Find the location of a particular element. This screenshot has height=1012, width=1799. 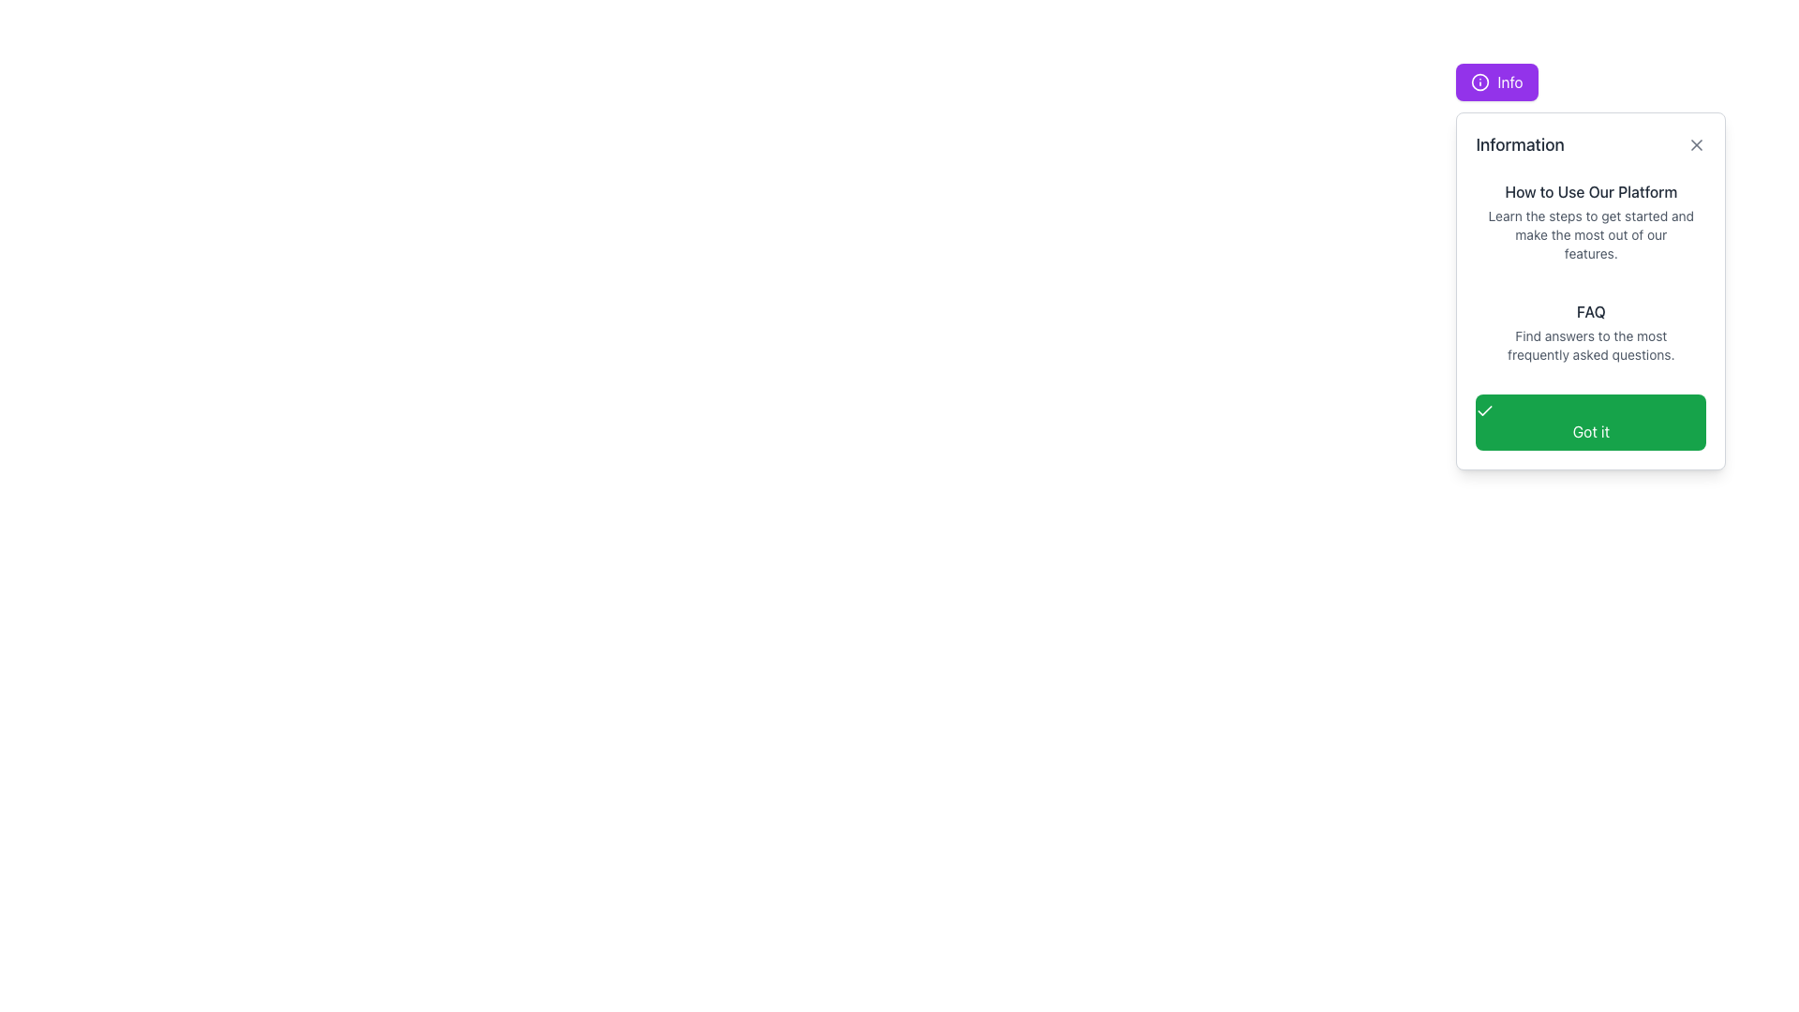

the information button located at the upper-right corner of the interface is located at coordinates (1496, 82).